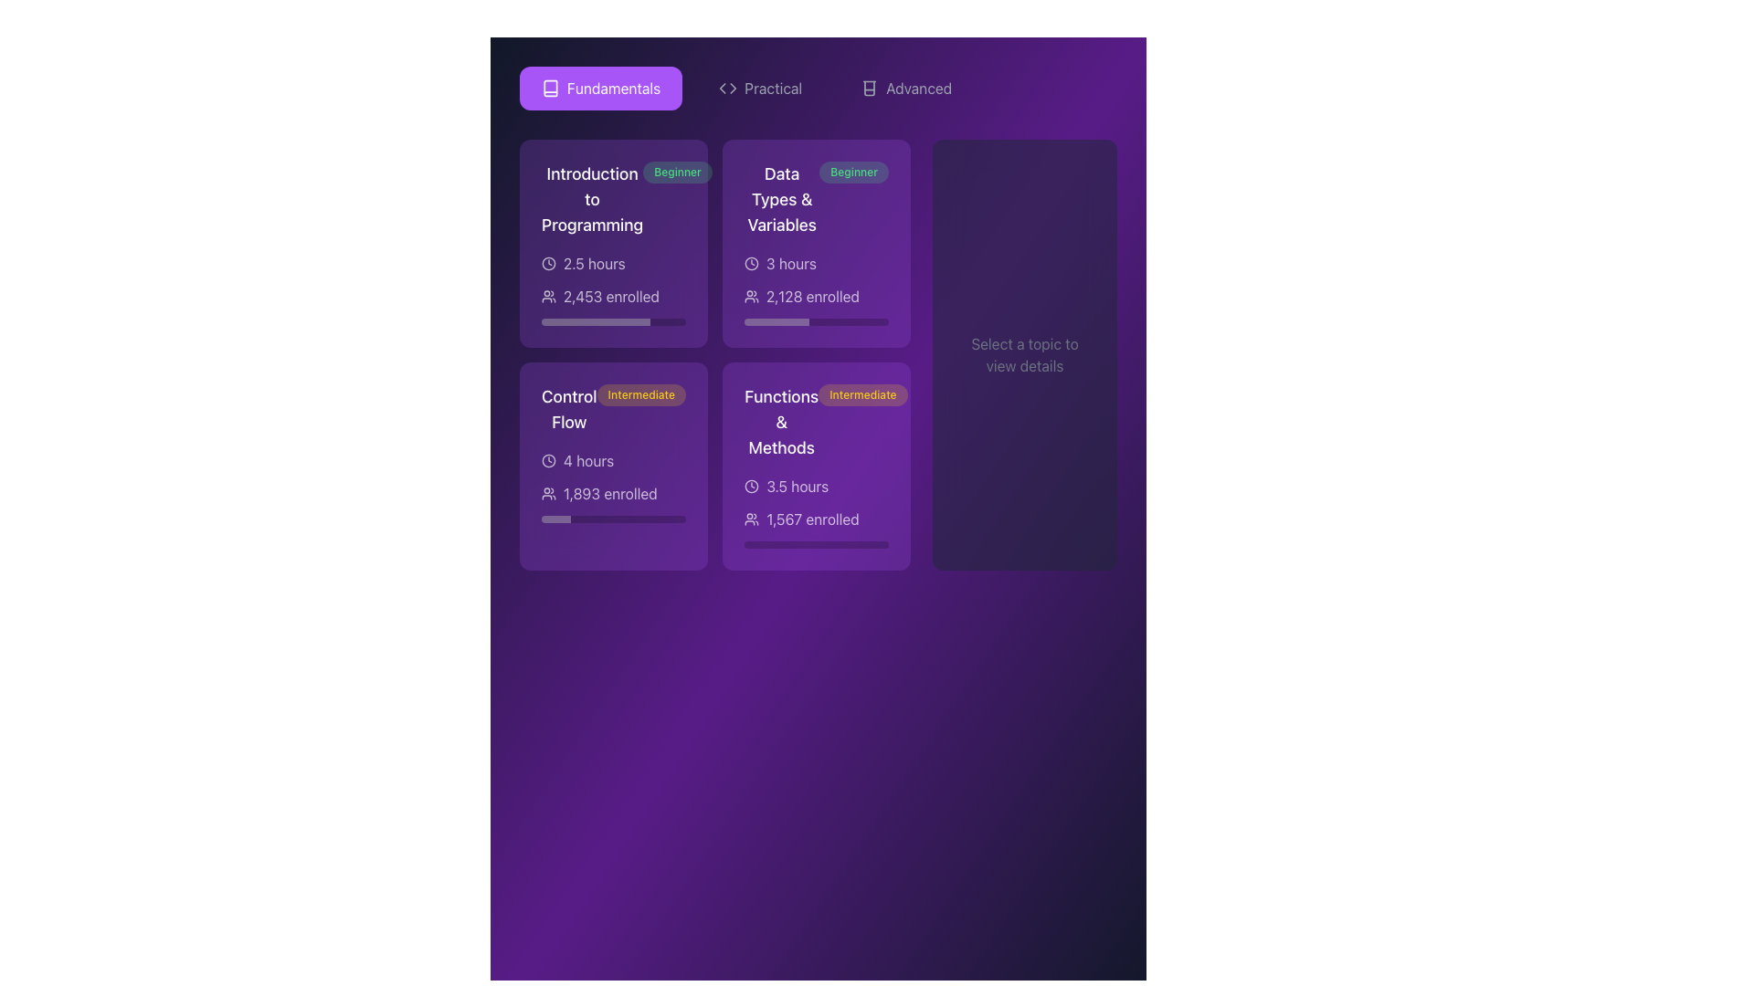  Describe the element at coordinates (547, 460) in the screenshot. I see `the SVG graphic element forming a circle that represents a clock face, located near the bottom-left corner of the second tile in the second row of course descriptions` at that location.